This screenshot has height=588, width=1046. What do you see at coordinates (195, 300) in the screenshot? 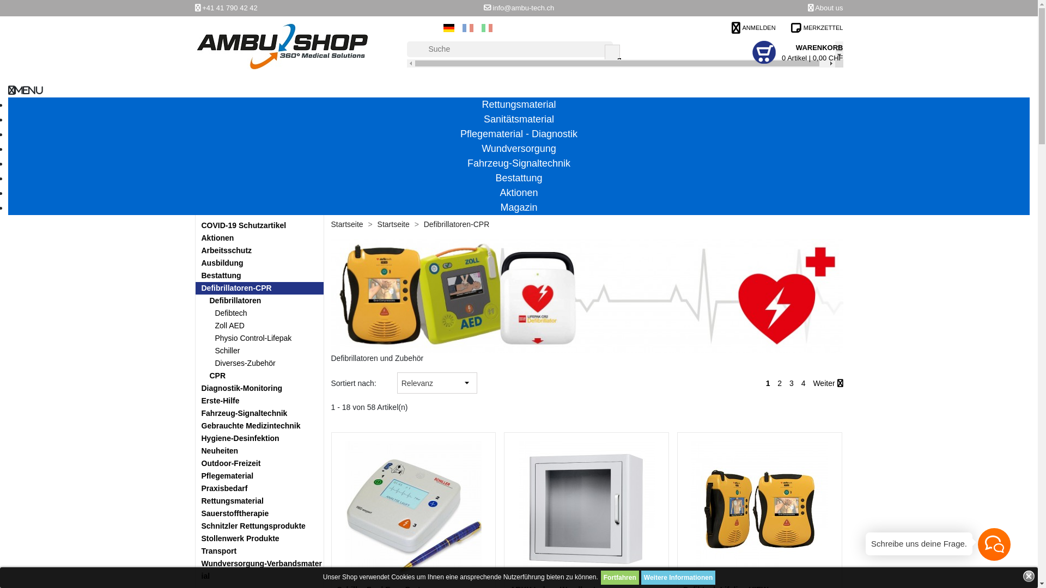
I see `'Defibrillatoren'` at bounding box center [195, 300].